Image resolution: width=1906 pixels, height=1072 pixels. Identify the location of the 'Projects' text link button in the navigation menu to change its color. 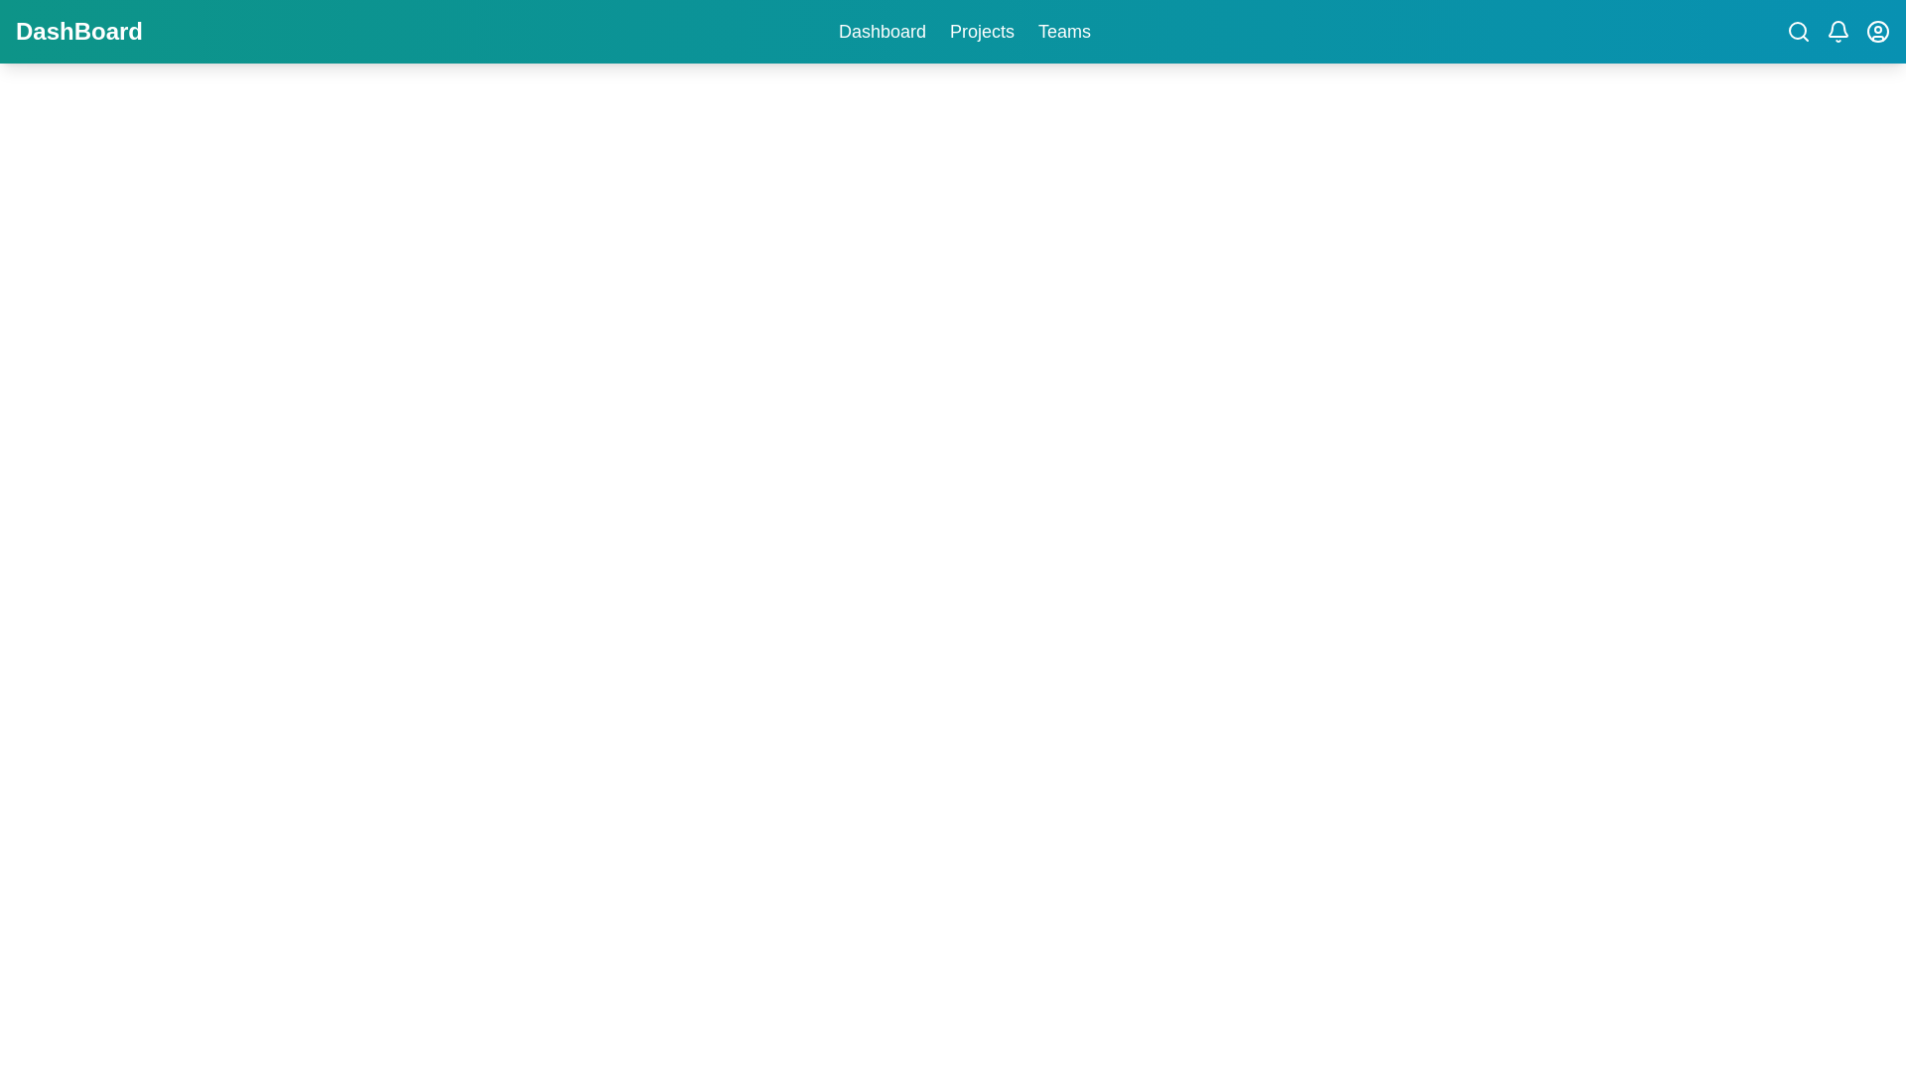
(982, 31).